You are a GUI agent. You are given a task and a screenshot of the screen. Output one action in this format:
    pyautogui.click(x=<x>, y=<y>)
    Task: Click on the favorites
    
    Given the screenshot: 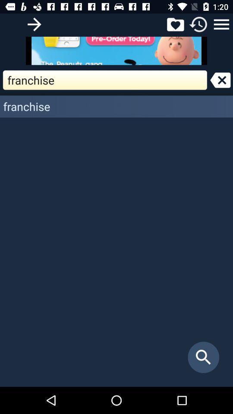 What is the action you would take?
    pyautogui.click(x=175, y=24)
    